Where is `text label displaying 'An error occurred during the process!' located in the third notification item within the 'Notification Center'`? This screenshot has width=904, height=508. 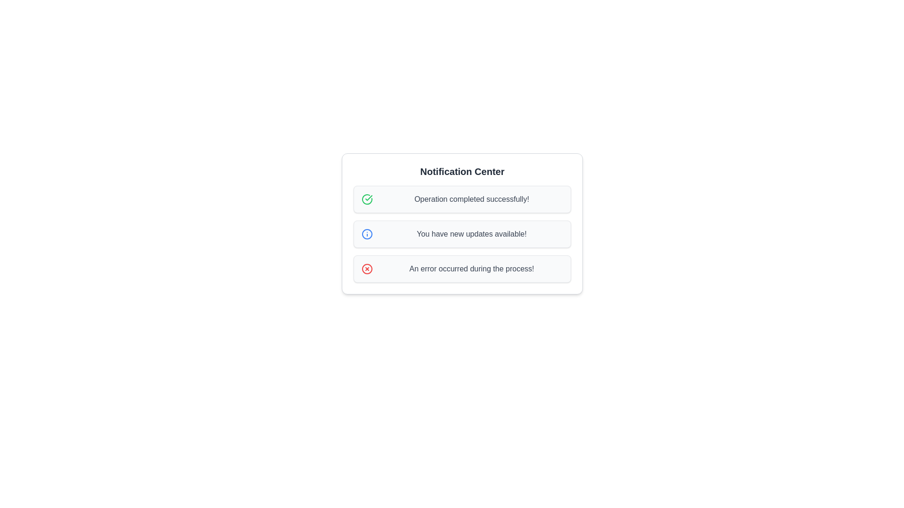 text label displaying 'An error occurred during the process!' located in the third notification item within the 'Notification Center' is located at coordinates (472, 269).